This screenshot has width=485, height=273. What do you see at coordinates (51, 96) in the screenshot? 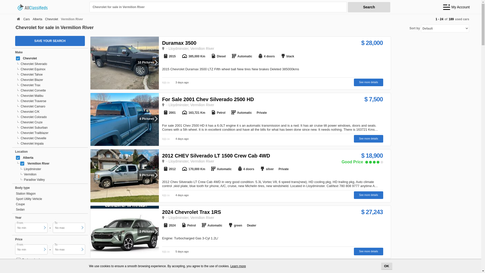
I see `'Chevrolet Malibu'` at bounding box center [51, 96].